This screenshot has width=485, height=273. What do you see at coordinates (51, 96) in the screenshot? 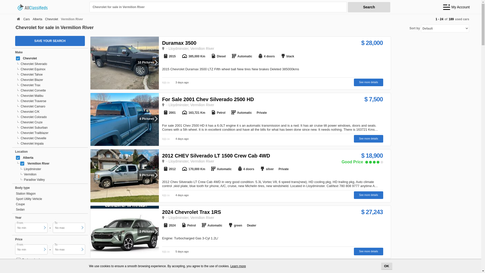
I see `'Chevrolet Malibu'` at bounding box center [51, 96].